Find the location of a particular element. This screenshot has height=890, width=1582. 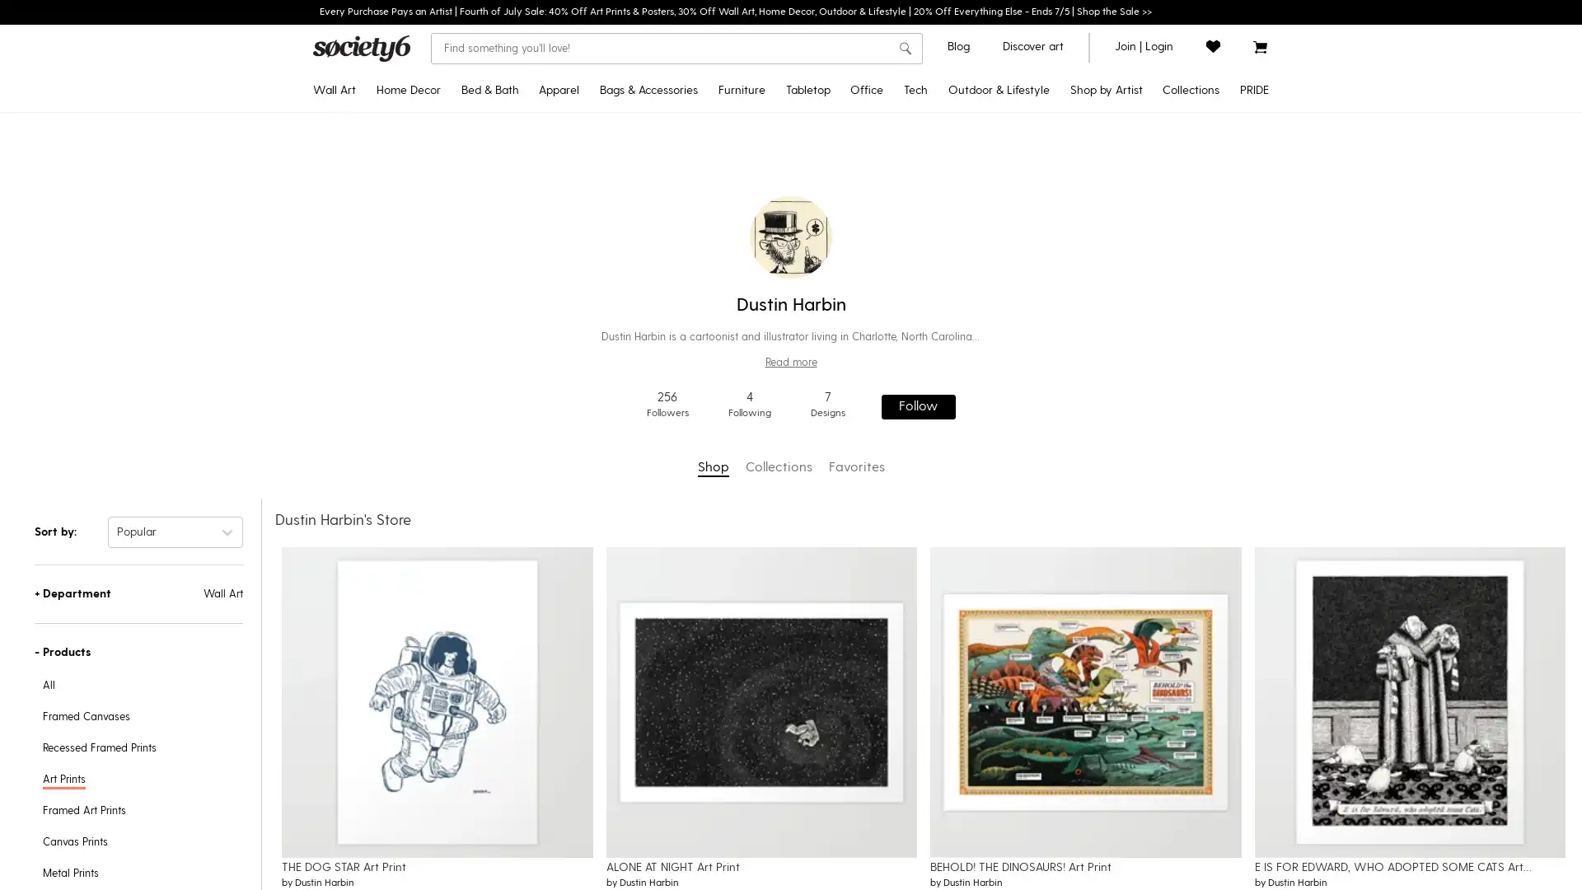

Hand & Bath Towels is located at coordinates (525, 264).